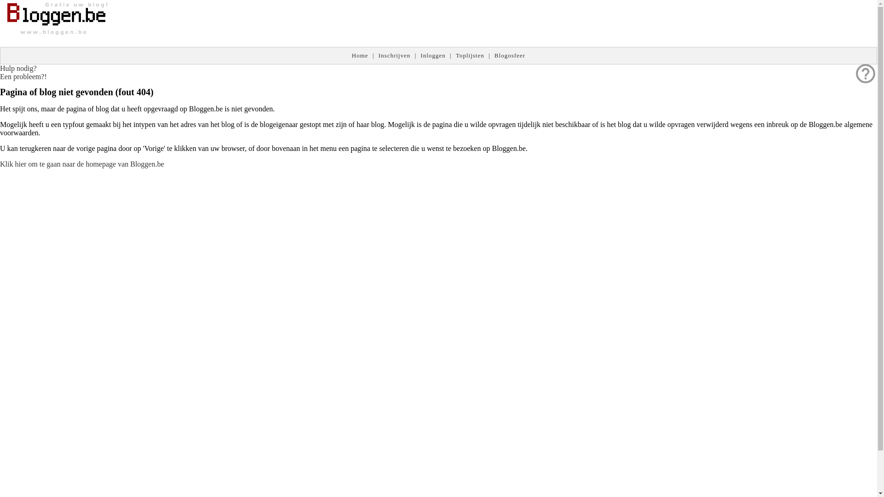  I want to click on 'Blogosfeer', so click(509, 55).